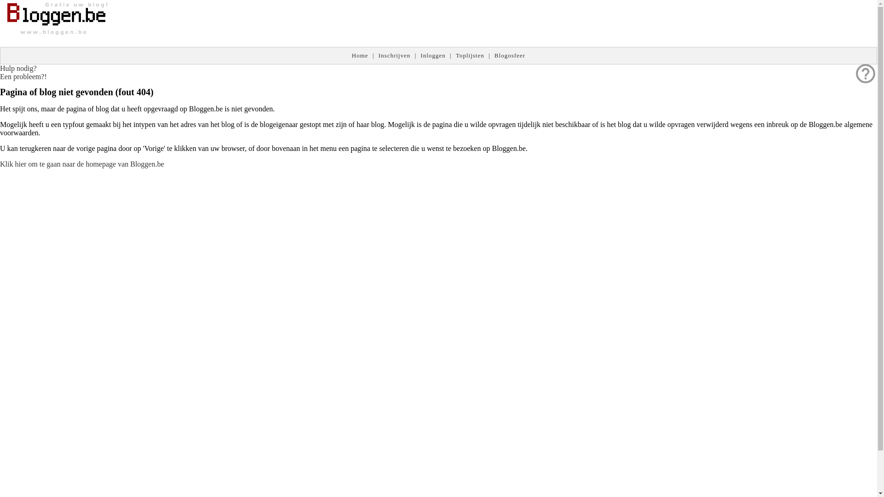  I want to click on 'Blogosfeer', so click(509, 55).